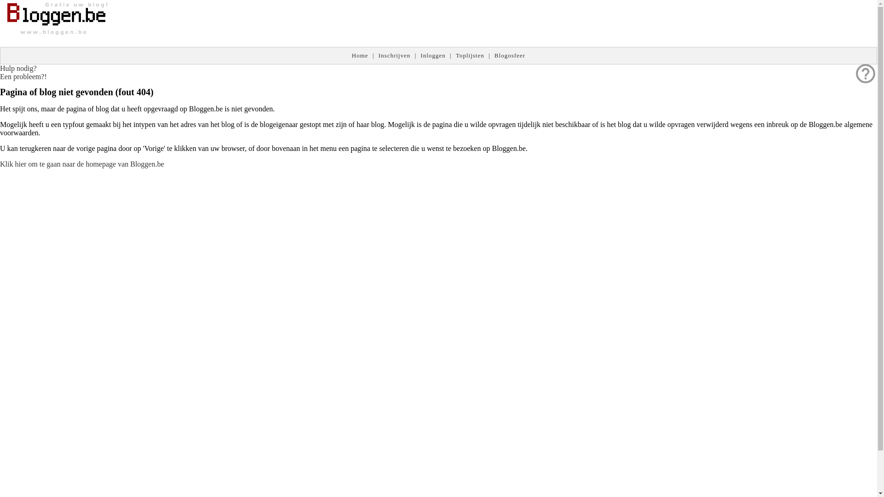  I want to click on 'Blogosfeer', so click(509, 55).